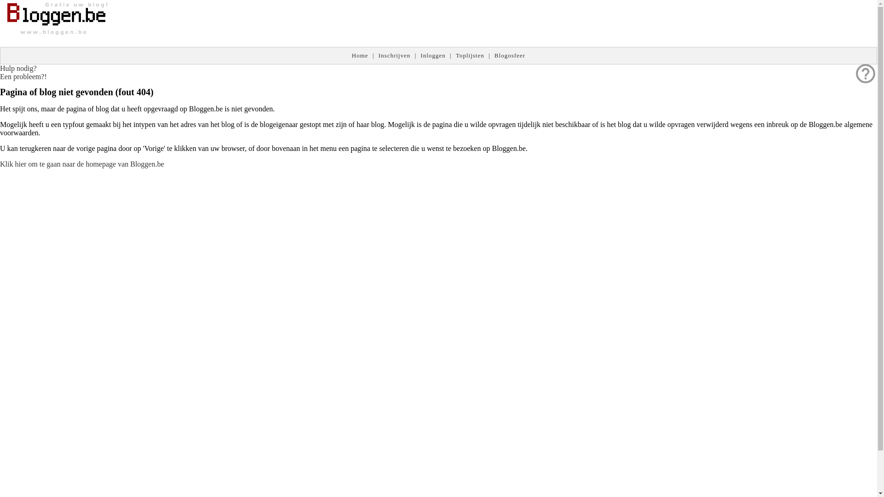  I want to click on 'Blogosfeer', so click(509, 55).